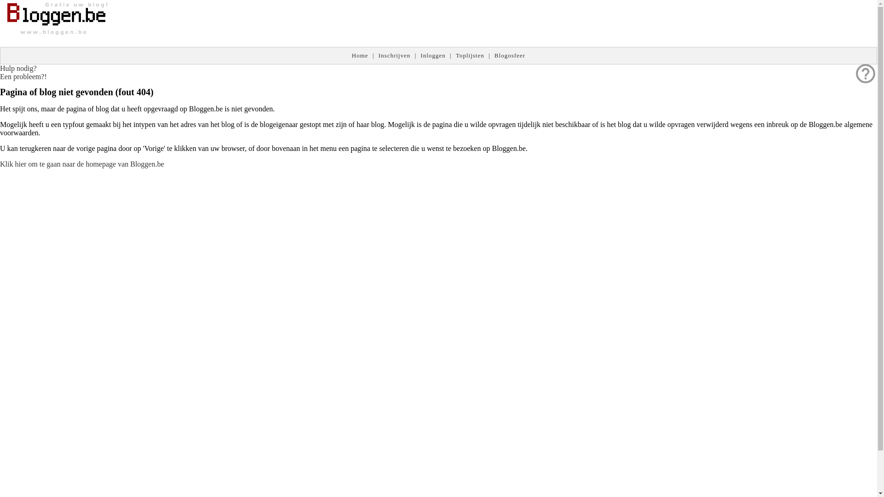  I want to click on 'Blogosfeer', so click(509, 55).